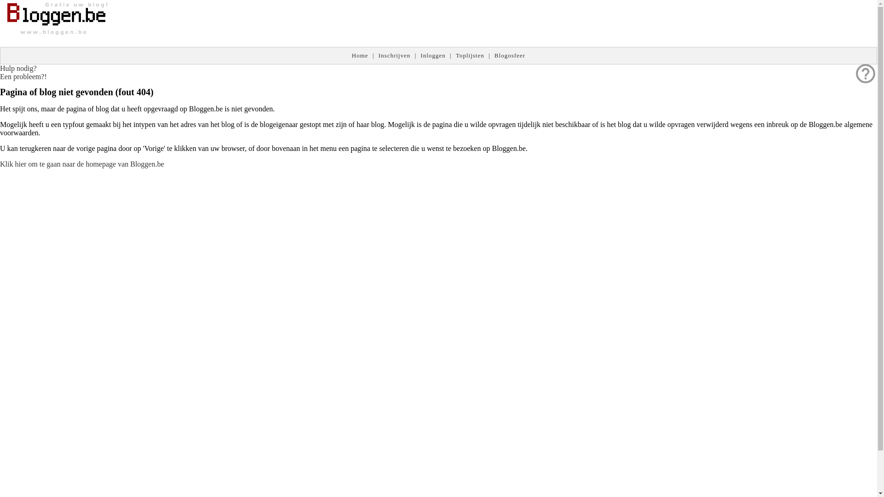  I want to click on 'Blogosfeer', so click(509, 55).